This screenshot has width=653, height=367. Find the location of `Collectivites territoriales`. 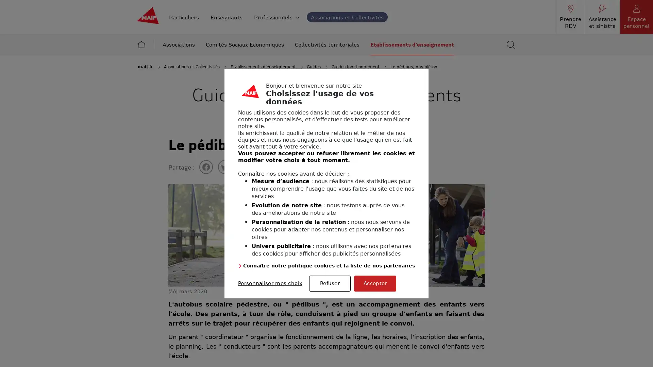

Collectivites territoriales is located at coordinates (327, 45).